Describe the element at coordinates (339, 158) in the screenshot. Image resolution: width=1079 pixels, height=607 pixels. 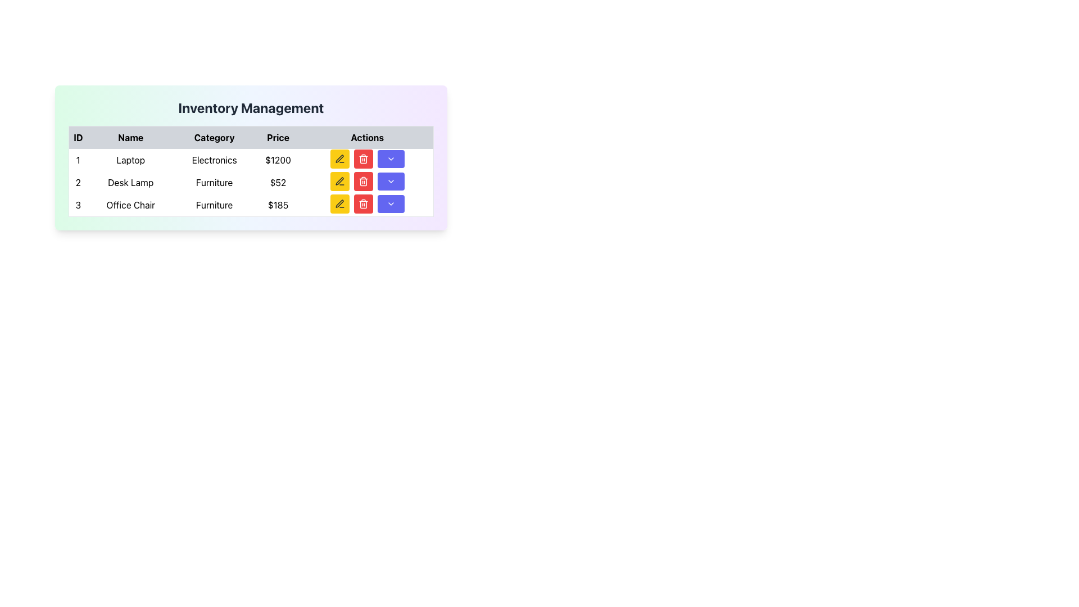
I see `the pen icon button with a yellow background in the 'Actions' column of the first row` at that location.